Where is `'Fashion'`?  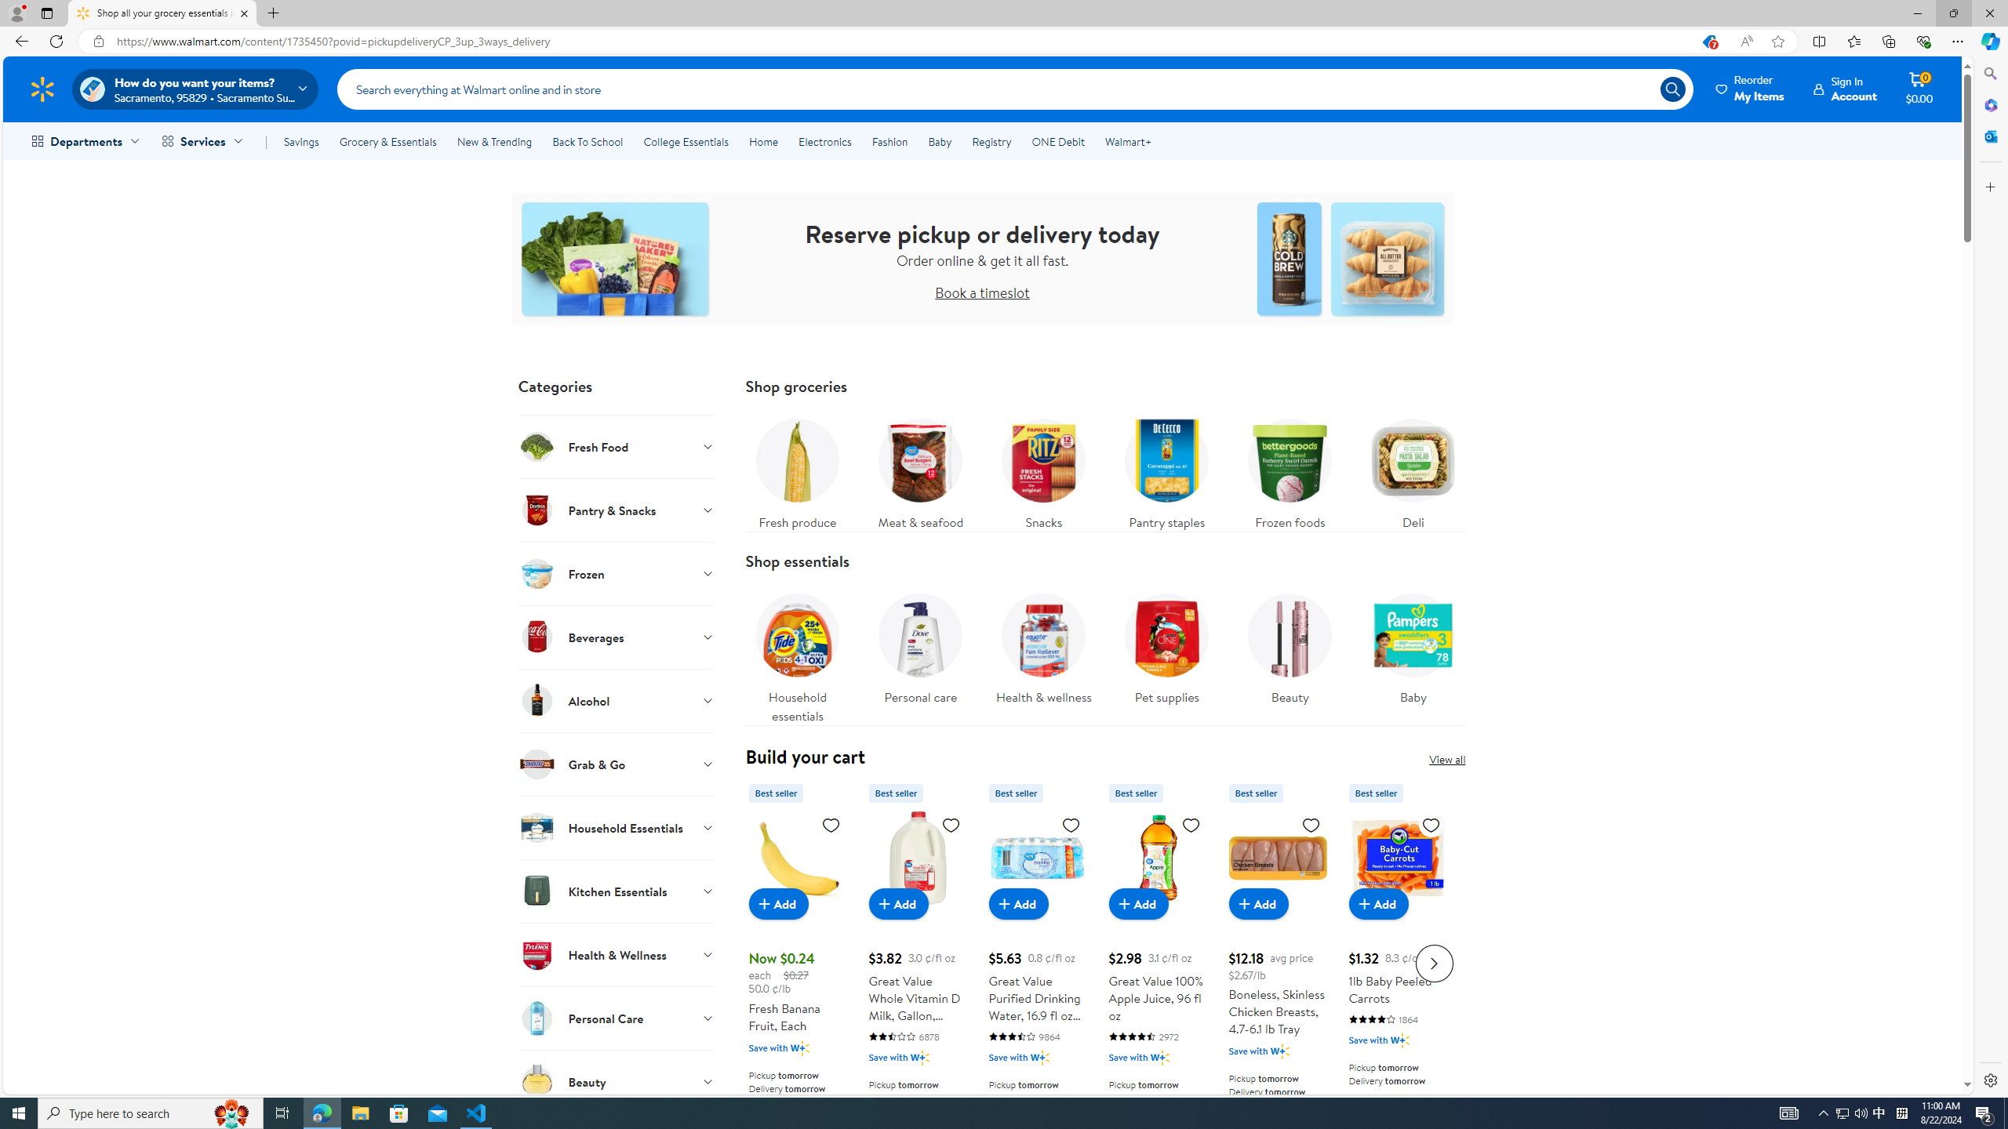
'Fashion' is located at coordinates (889, 141).